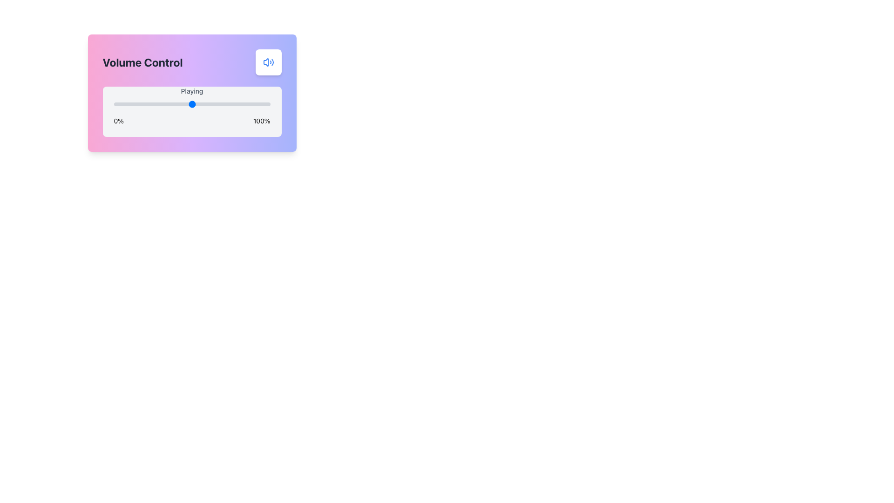  Describe the element at coordinates (259, 104) in the screenshot. I see `the slider` at that location.